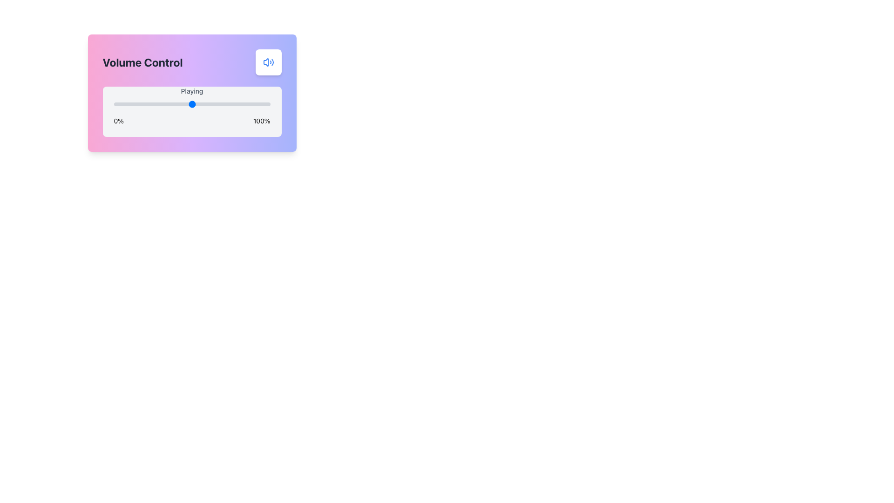  Describe the element at coordinates (259, 104) in the screenshot. I see `the slider` at that location.